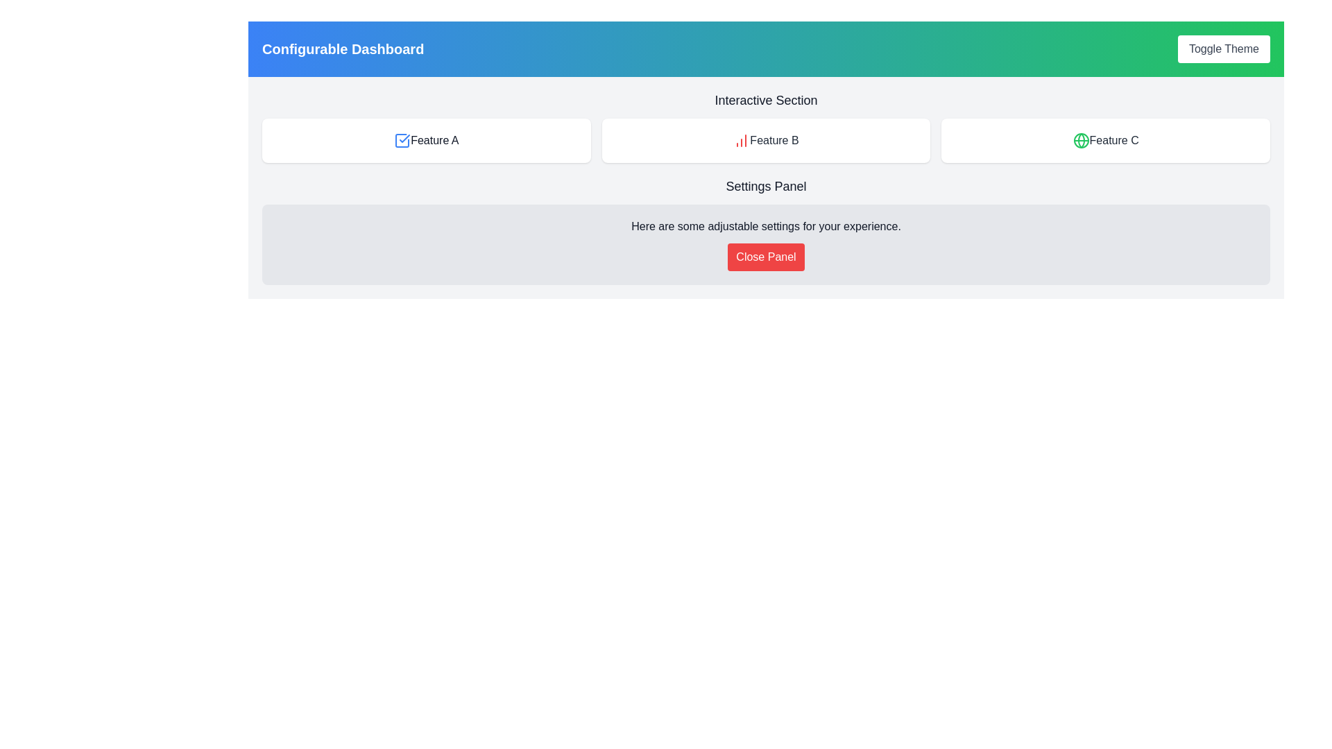  I want to click on the static informational display button labeled 'Feature C', which is a rectangular button with a white background, rounded corners, and contains the text styled in dark gray, positioned to the right of a green globe icon, so click(1105, 141).